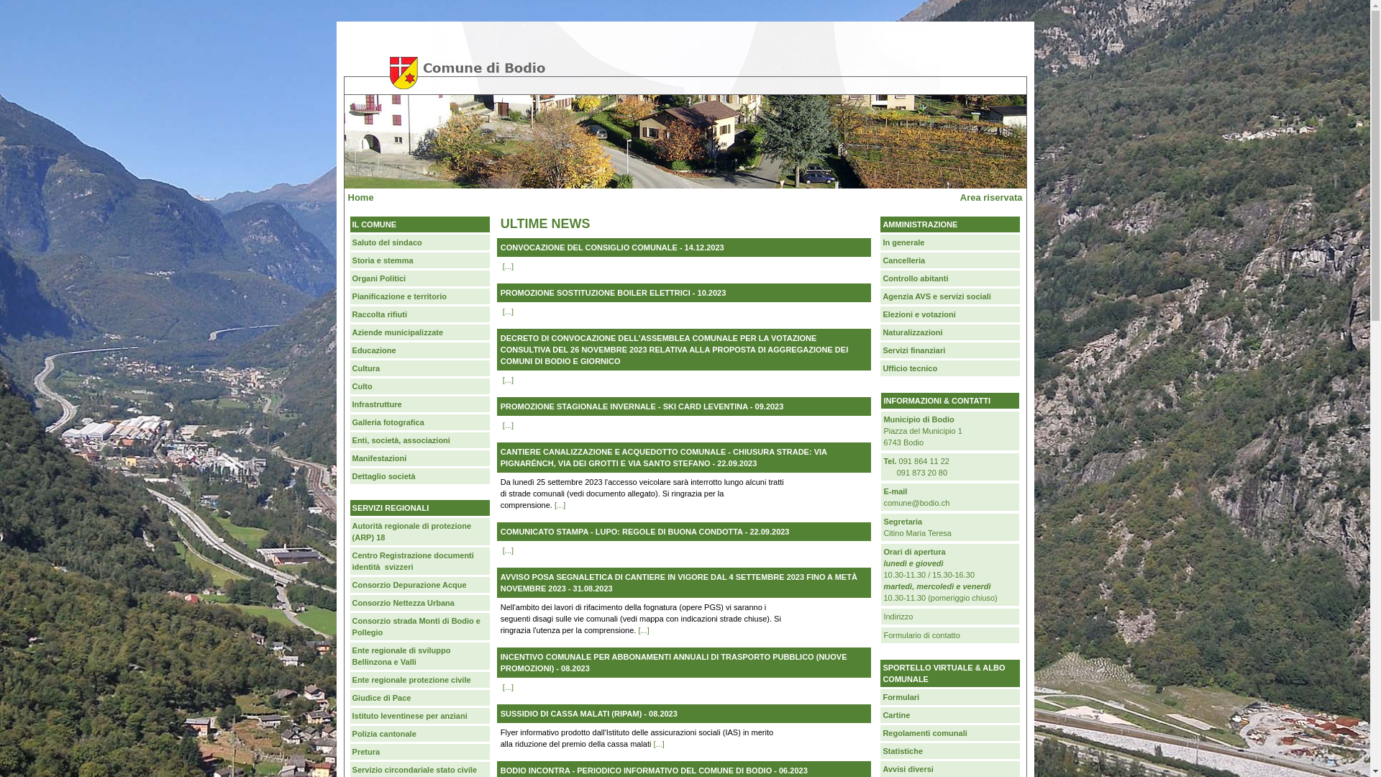 This screenshot has width=1381, height=777. What do you see at coordinates (949, 278) in the screenshot?
I see `'Controllo abitanti'` at bounding box center [949, 278].